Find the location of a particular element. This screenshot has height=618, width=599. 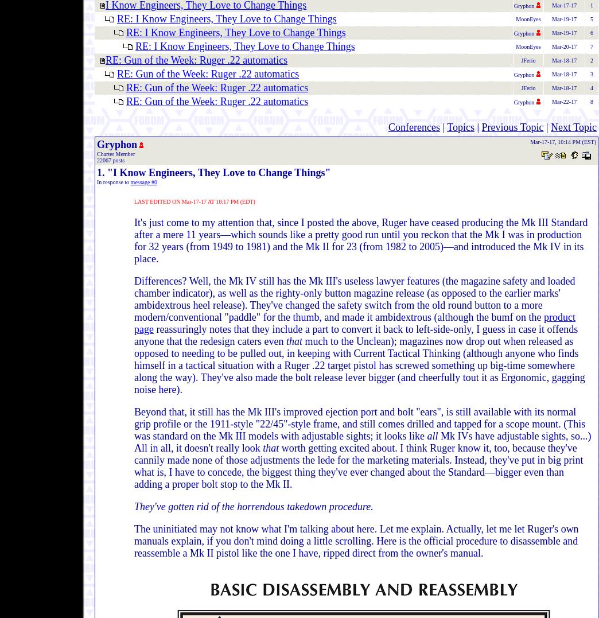

'Conferences' is located at coordinates (387, 127).